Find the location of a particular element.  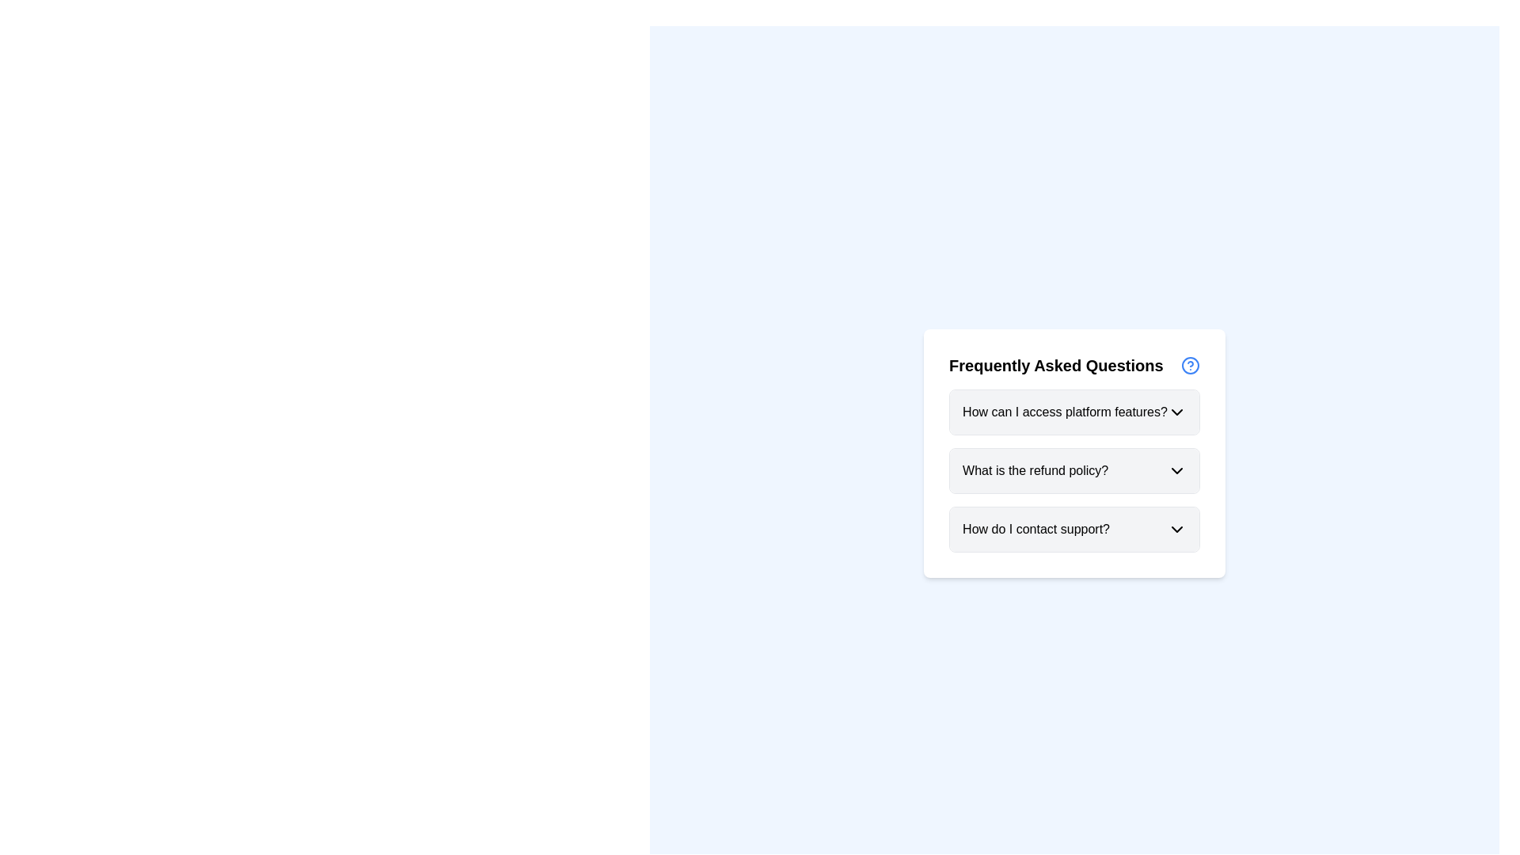

the text label reading 'How can I access platform features?' which is located in the FAQ section is located at coordinates (1065, 411).